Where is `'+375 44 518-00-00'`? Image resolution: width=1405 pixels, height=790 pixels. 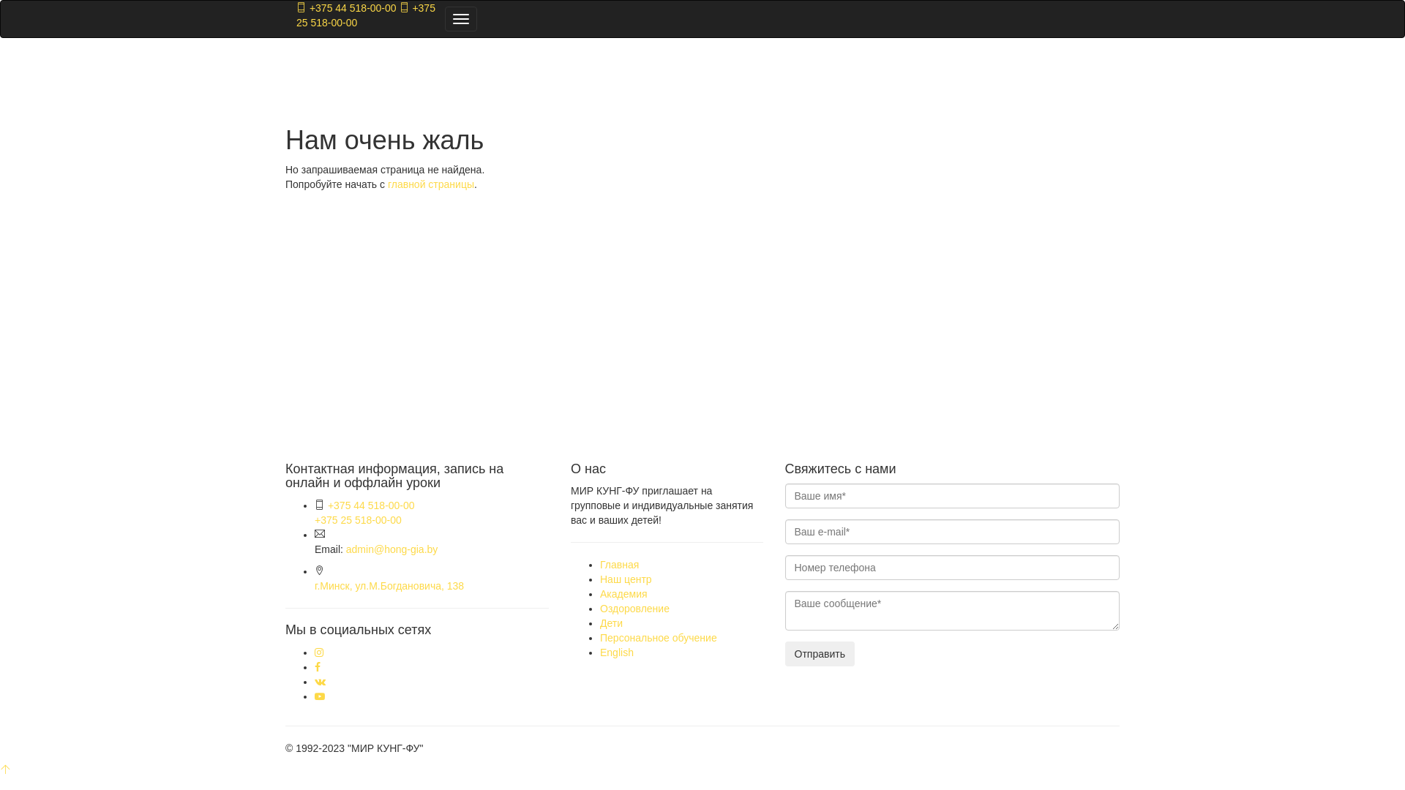
'+375 44 518-00-00' is located at coordinates (345, 8).